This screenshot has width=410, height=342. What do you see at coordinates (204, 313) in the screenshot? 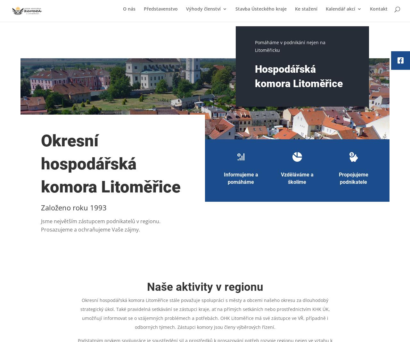
I see `'Okresní hospodářská komora Litoměřice stále považuje spolupráci s městy a obcemi našeho okresu za dlouhodobý strategický úkol. Také pravidelná setkávání se zástupci kraje, ať na přímých setkáních nebo prostřednictvím KHK ÚK, umožňují informovat se o vzájemných problémech a potřebách. OHK Litoměřice má své zástupce ve VŘ, případně i odborných týmech. Zástupci komory jsou členy výběrových řízení.'` at bounding box center [204, 313].